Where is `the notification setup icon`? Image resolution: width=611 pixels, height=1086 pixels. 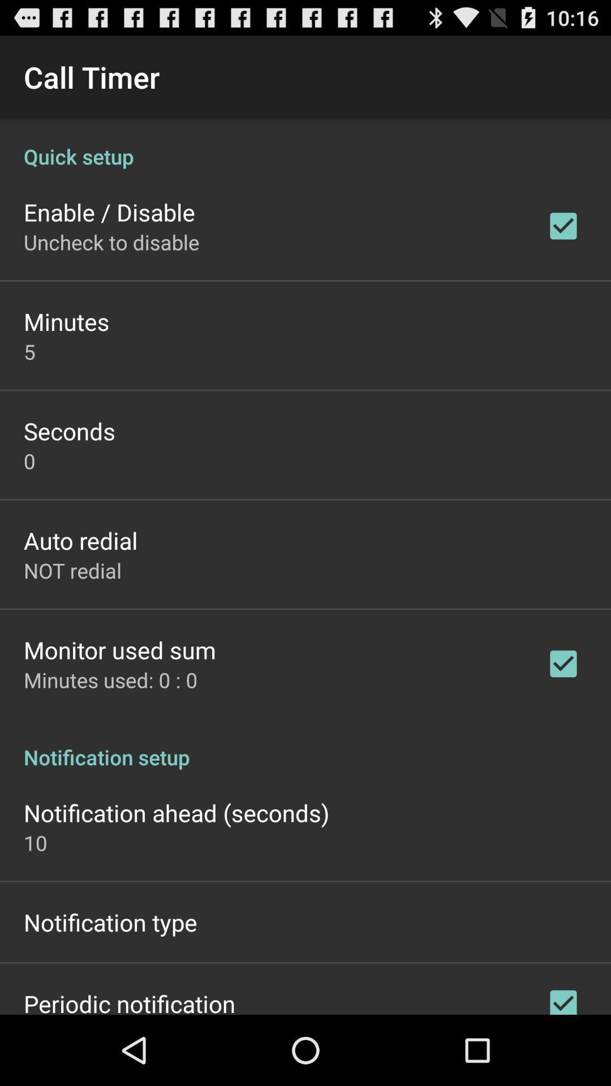 the notification setup icon is located at coordinates (305, 745).